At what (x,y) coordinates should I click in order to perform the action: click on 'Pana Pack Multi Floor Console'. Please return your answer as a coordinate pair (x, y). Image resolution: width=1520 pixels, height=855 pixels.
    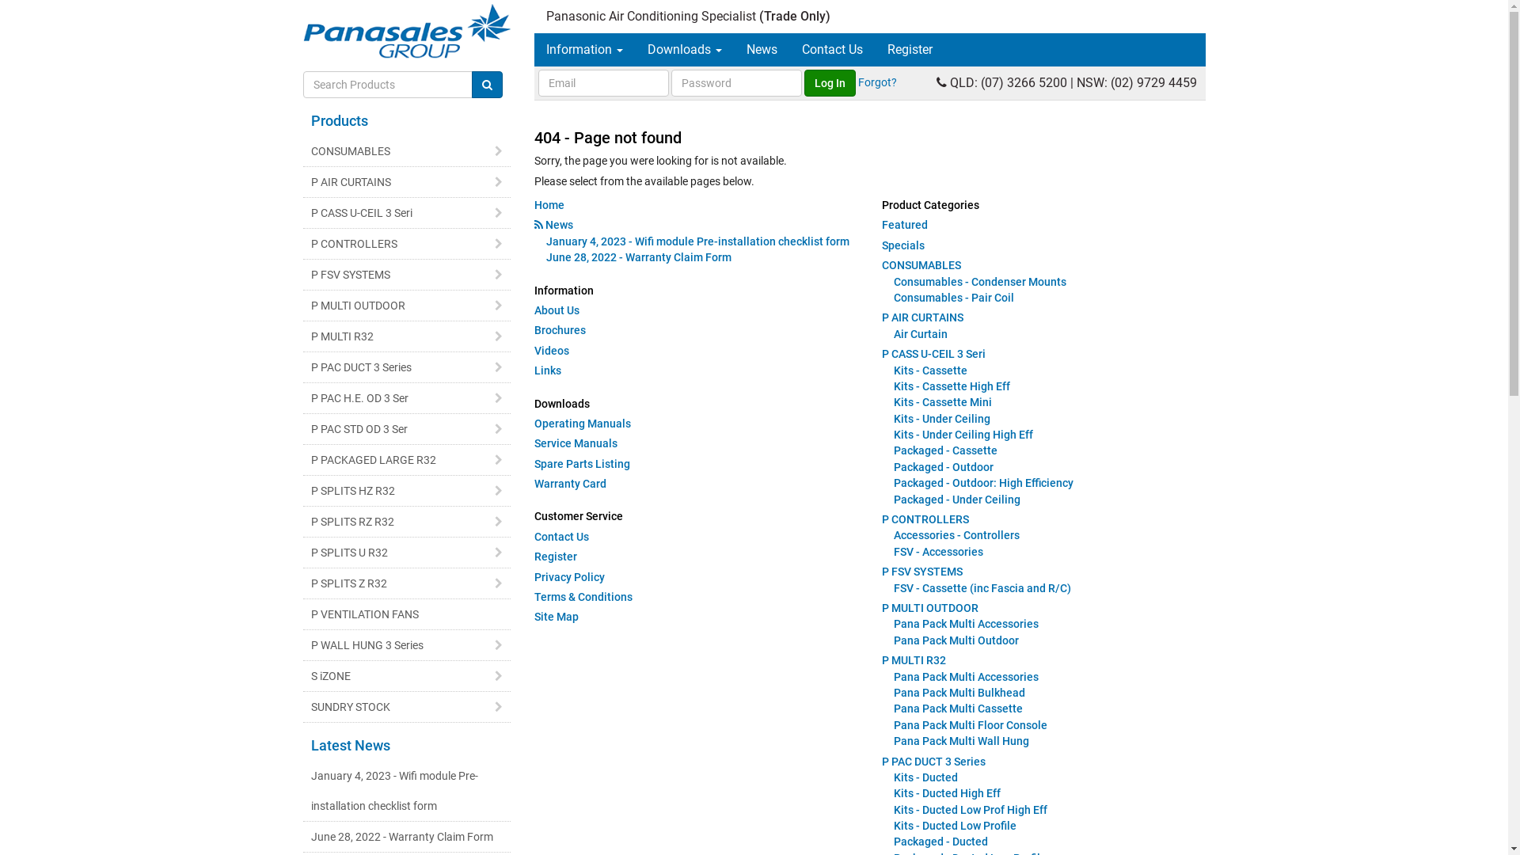
    Looking at the image, I should click on (969, 724).